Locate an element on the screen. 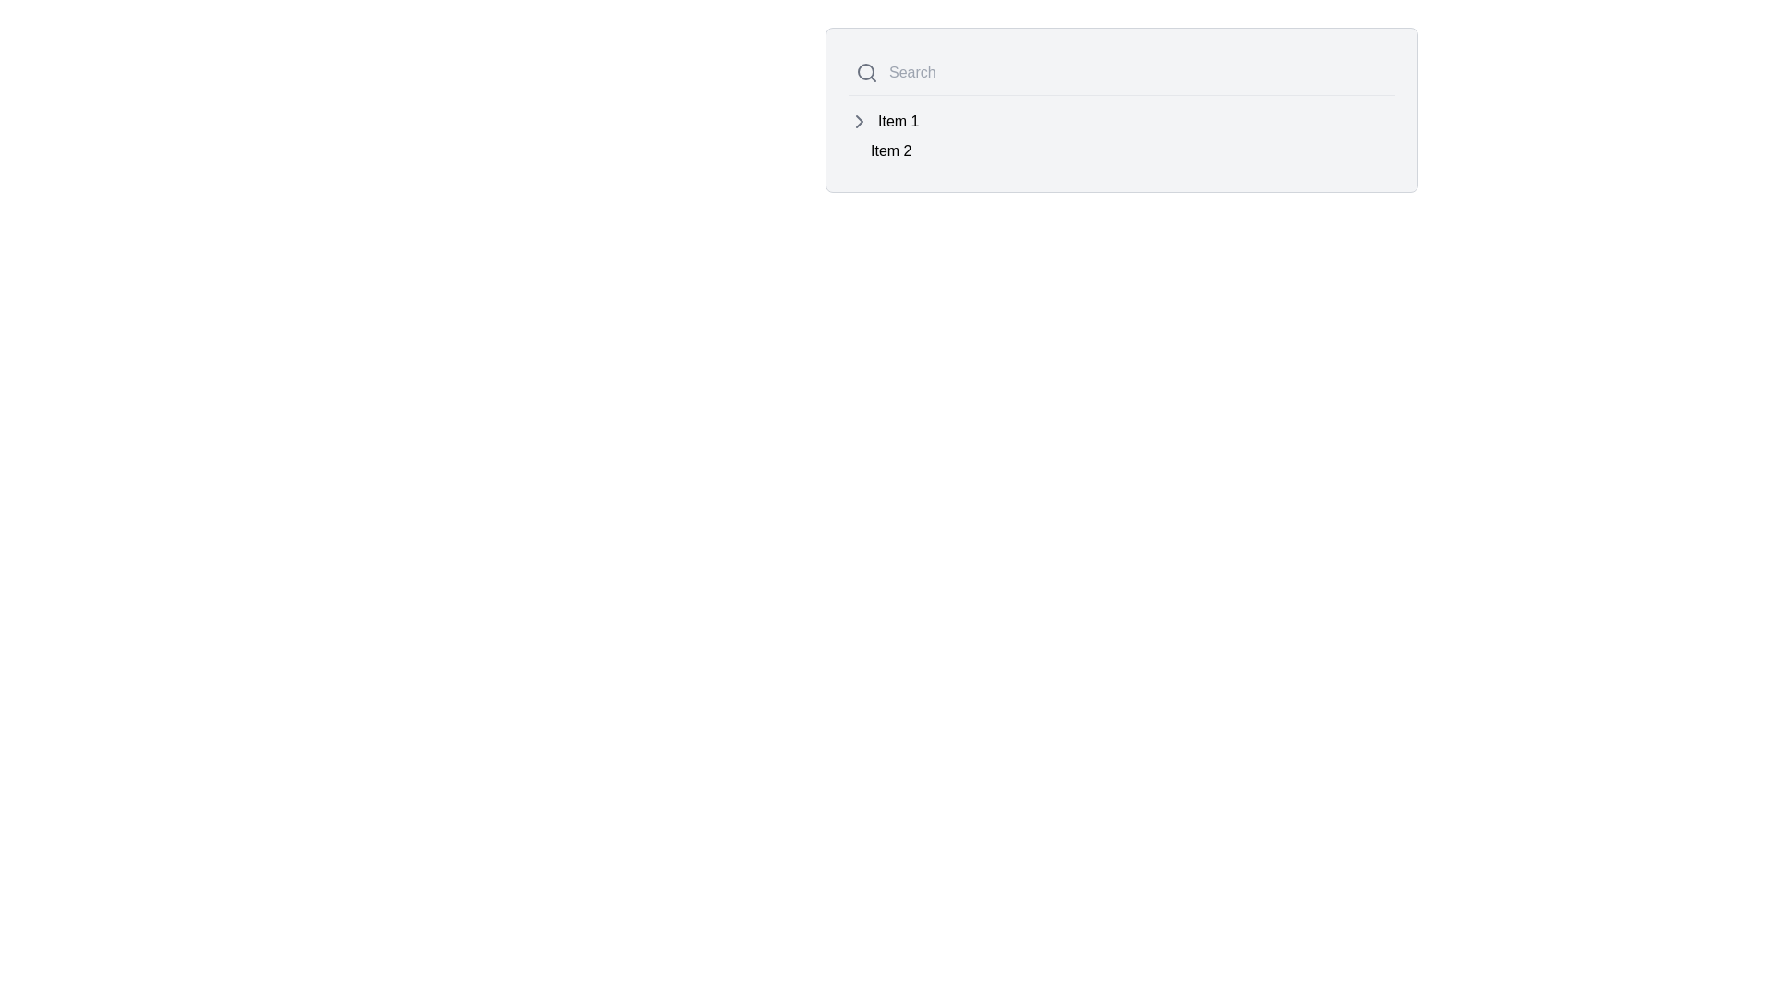 The height and width of the screenshot is (997, 1773). the gray magnifying glass icon with a circular outline, located directly before the 'Search' text input field is located at coordinates (866, 71).